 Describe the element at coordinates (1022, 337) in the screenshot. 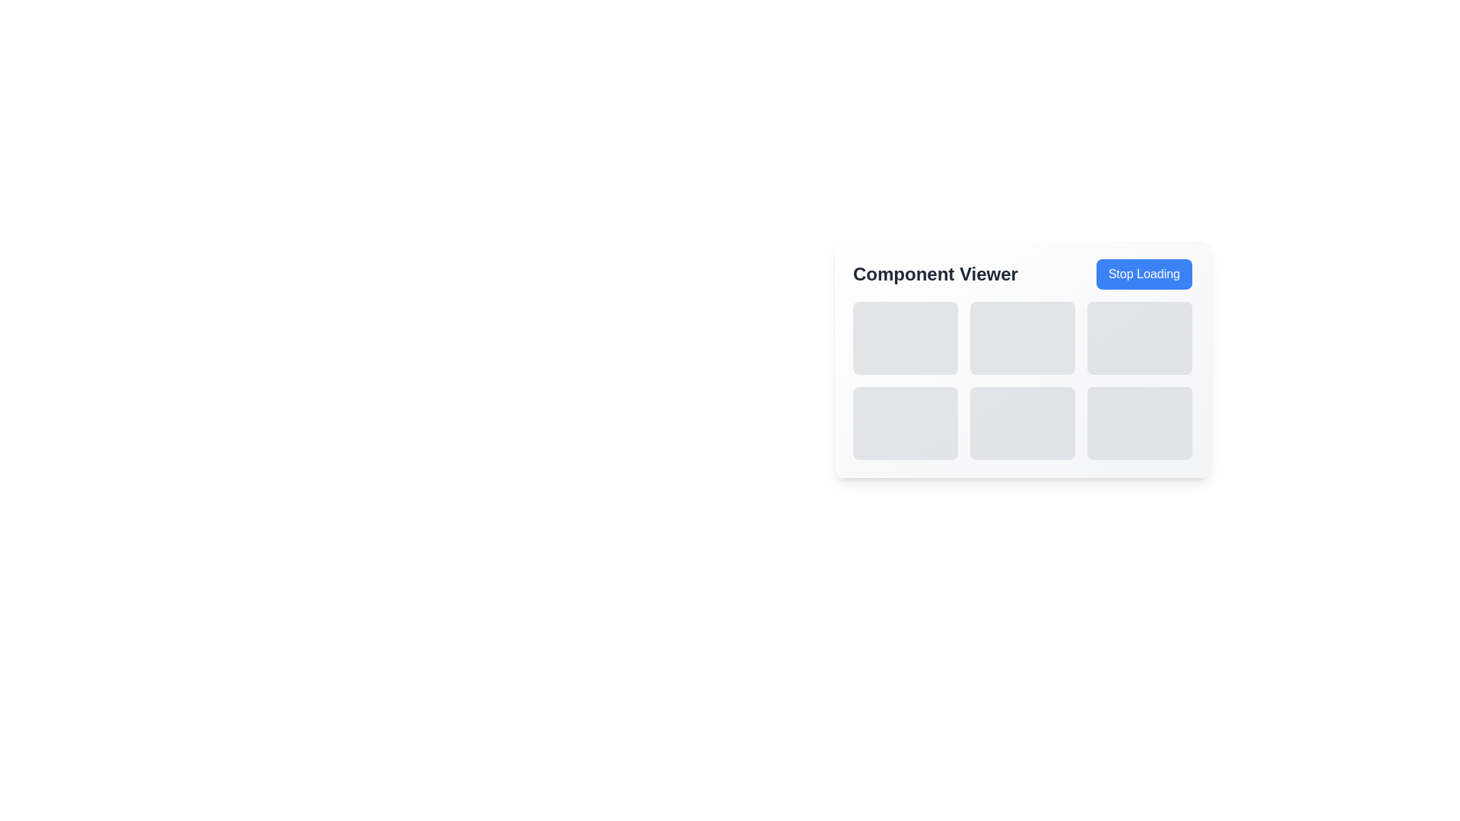

I see `the visual placeholder located in the middle column of the grid, which indicates that data is being loaded or will be displayed here` at that location.